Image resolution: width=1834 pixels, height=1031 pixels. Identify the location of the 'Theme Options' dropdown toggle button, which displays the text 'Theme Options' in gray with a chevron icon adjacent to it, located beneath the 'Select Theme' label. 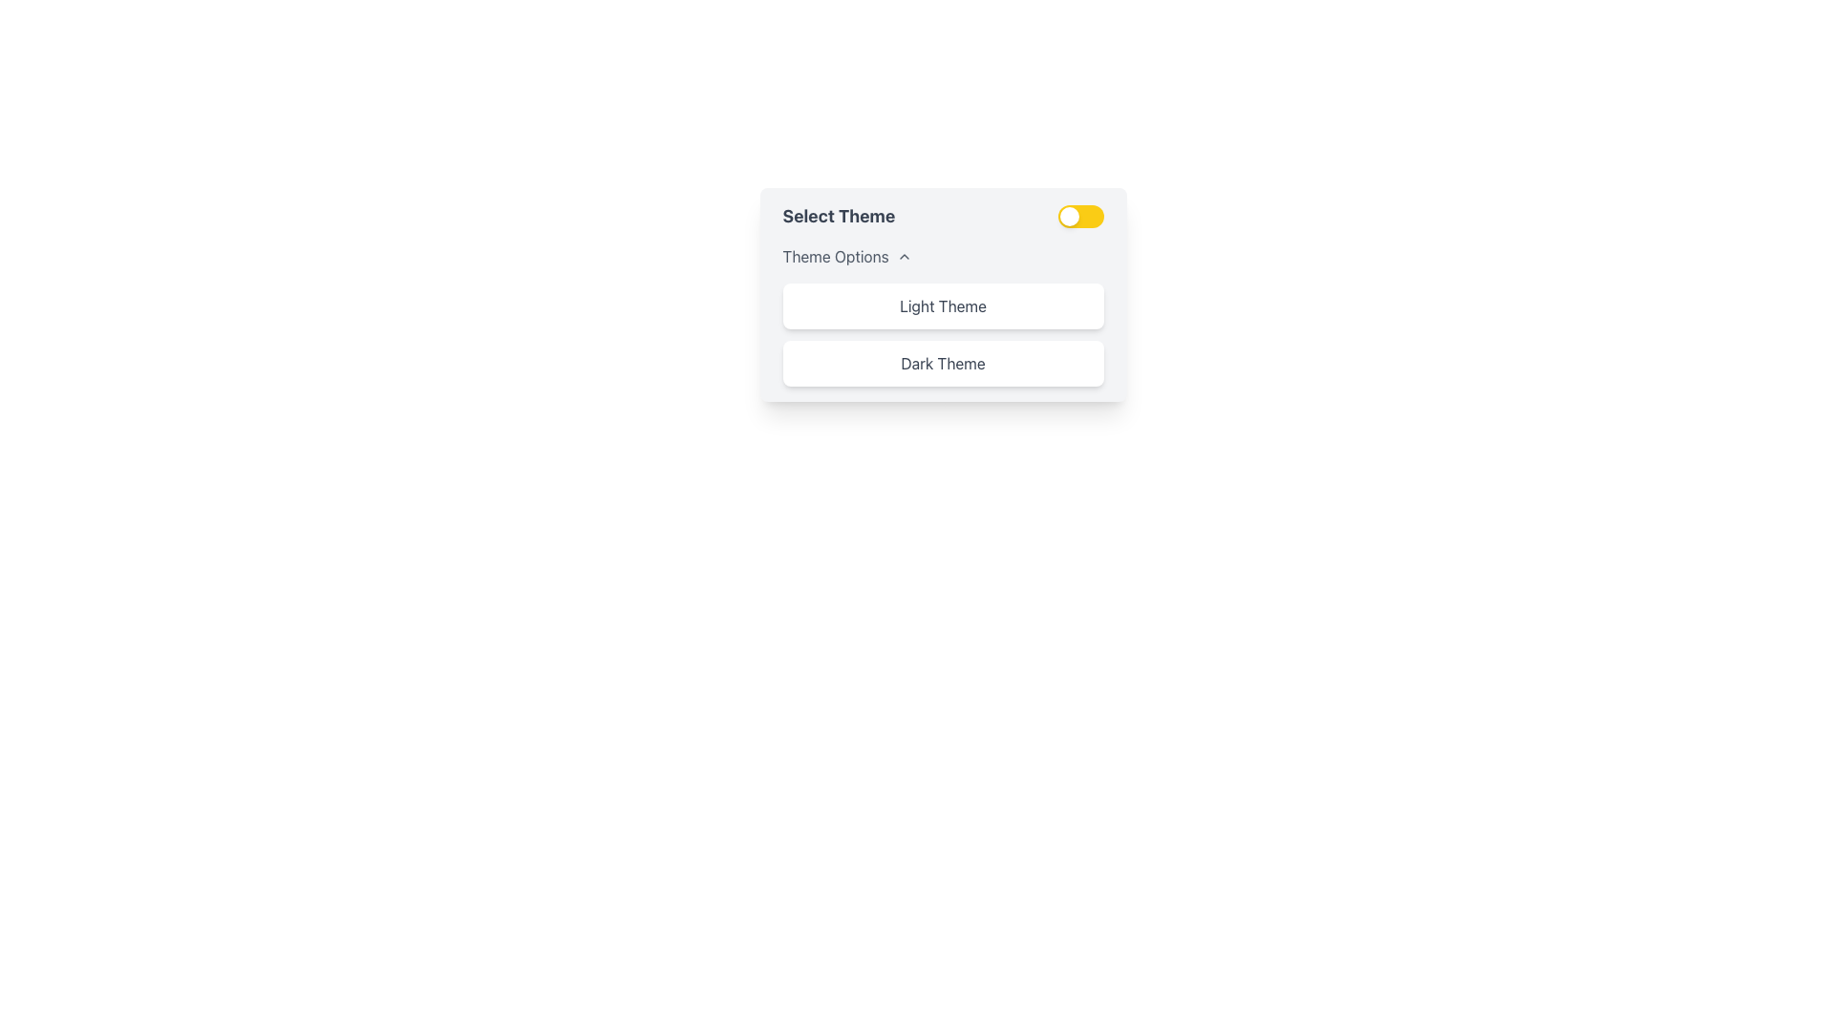
(846, 256).